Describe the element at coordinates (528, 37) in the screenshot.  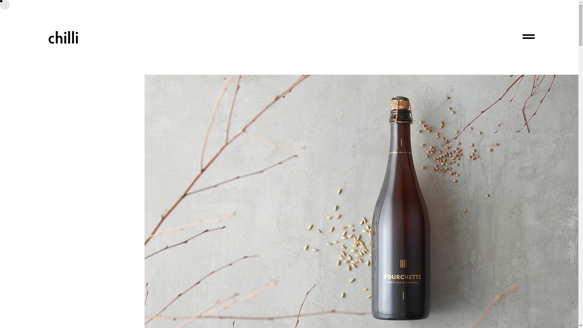
I see `'Menu'` at that location.